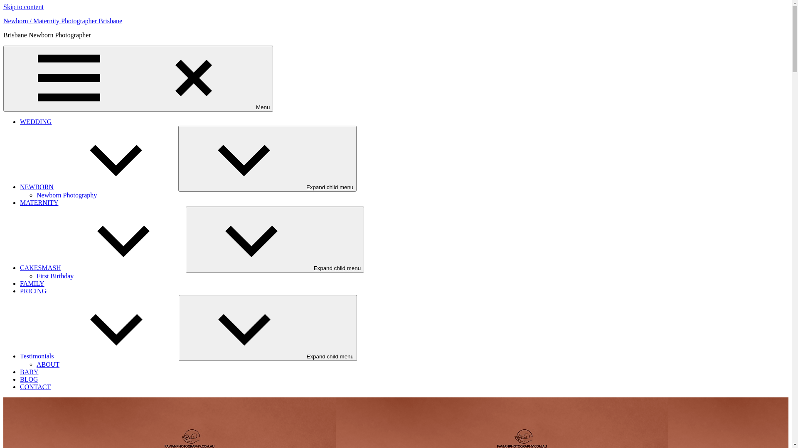  I want to click on 'NEWBORN', so click(99, 187).